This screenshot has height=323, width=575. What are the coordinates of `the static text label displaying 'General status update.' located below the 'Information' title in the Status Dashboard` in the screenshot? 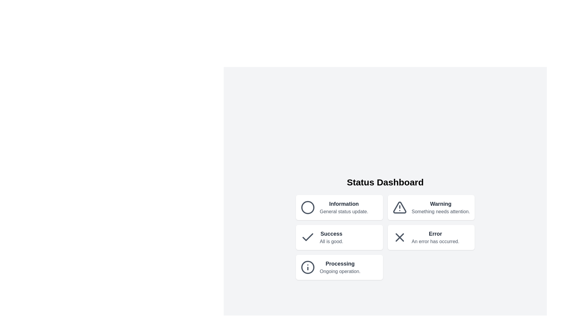 It's located at (344, 211).